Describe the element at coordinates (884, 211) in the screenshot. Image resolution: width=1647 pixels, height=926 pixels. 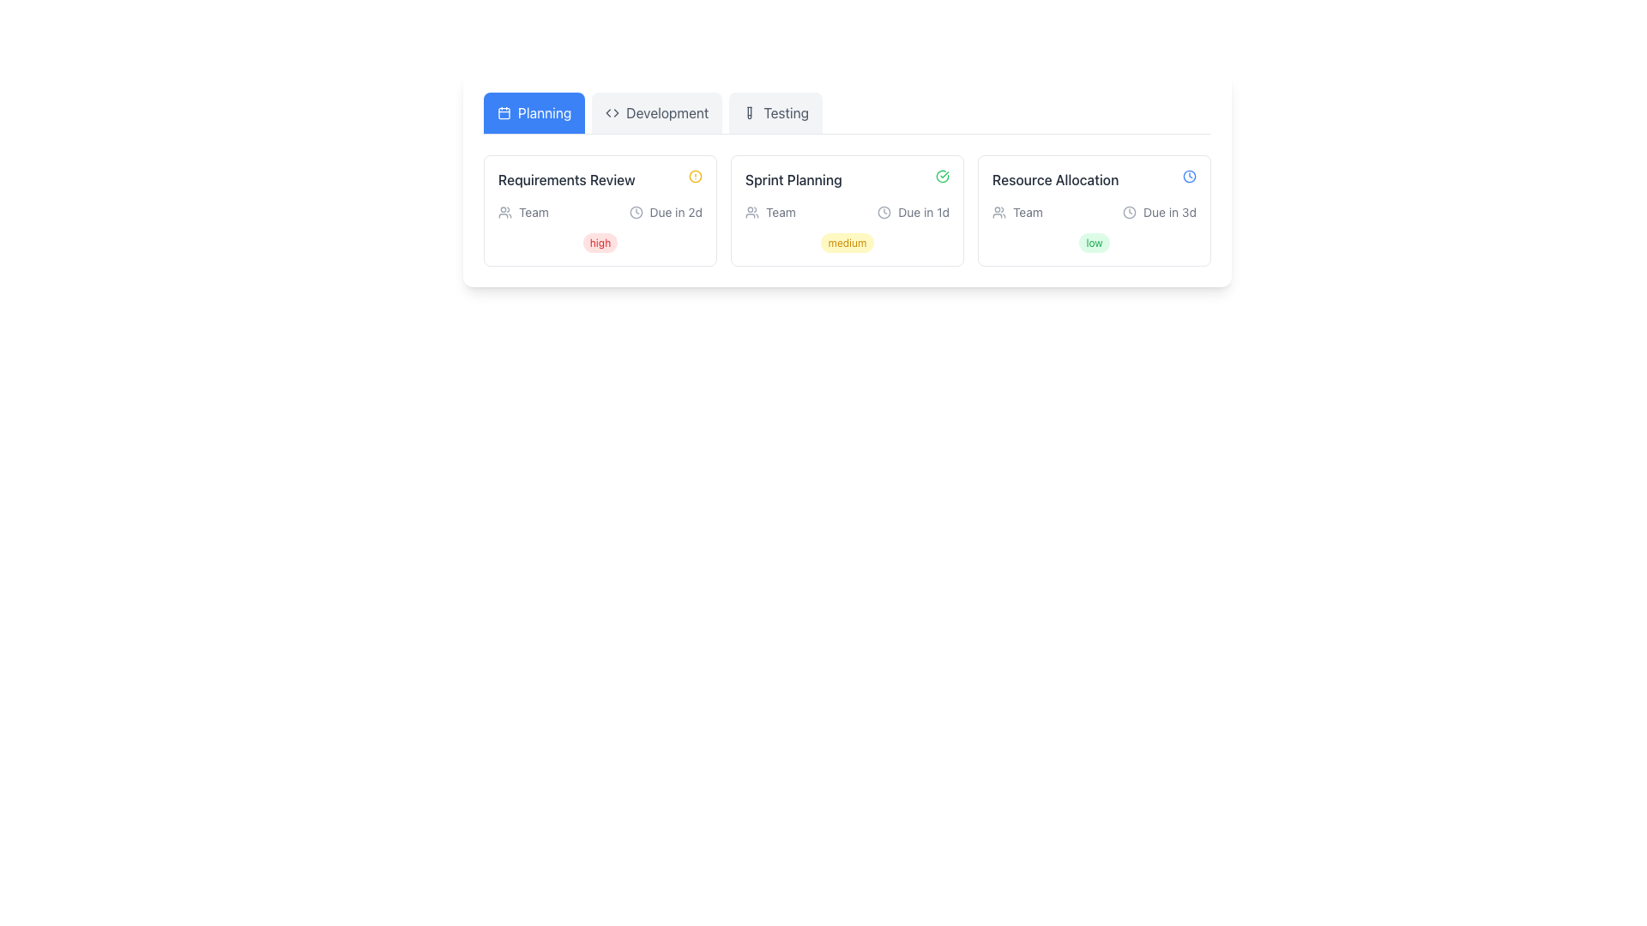
I see `the decorative circle component of the clock icon located near the top-right of the 'Sprint Planning' section, adjacent to task indicators` at that location.